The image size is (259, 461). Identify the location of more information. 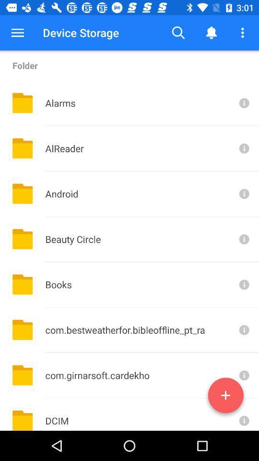
(243, 414).